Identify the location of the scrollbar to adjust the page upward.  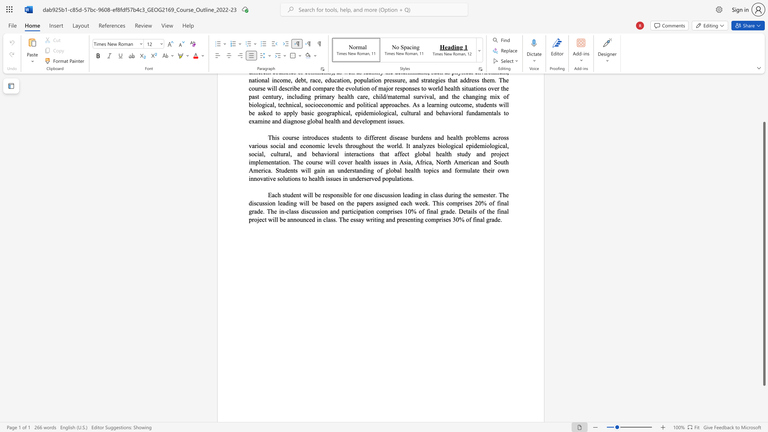
(764, 116).